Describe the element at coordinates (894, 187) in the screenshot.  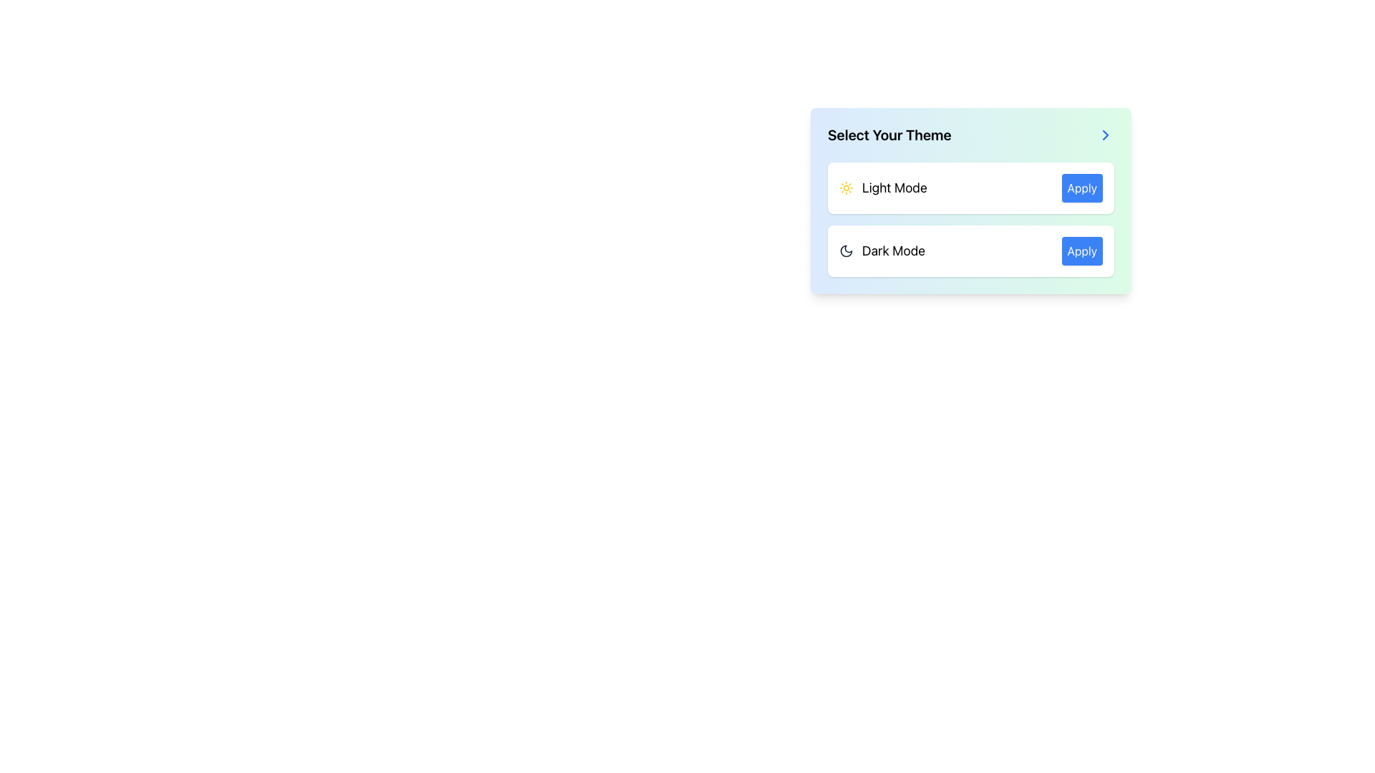
I see `the 'Light Mode' text label, which is bold and larger, located in the upper section of the 'Select Your Theme' panel, next to the sun icon` at that location.